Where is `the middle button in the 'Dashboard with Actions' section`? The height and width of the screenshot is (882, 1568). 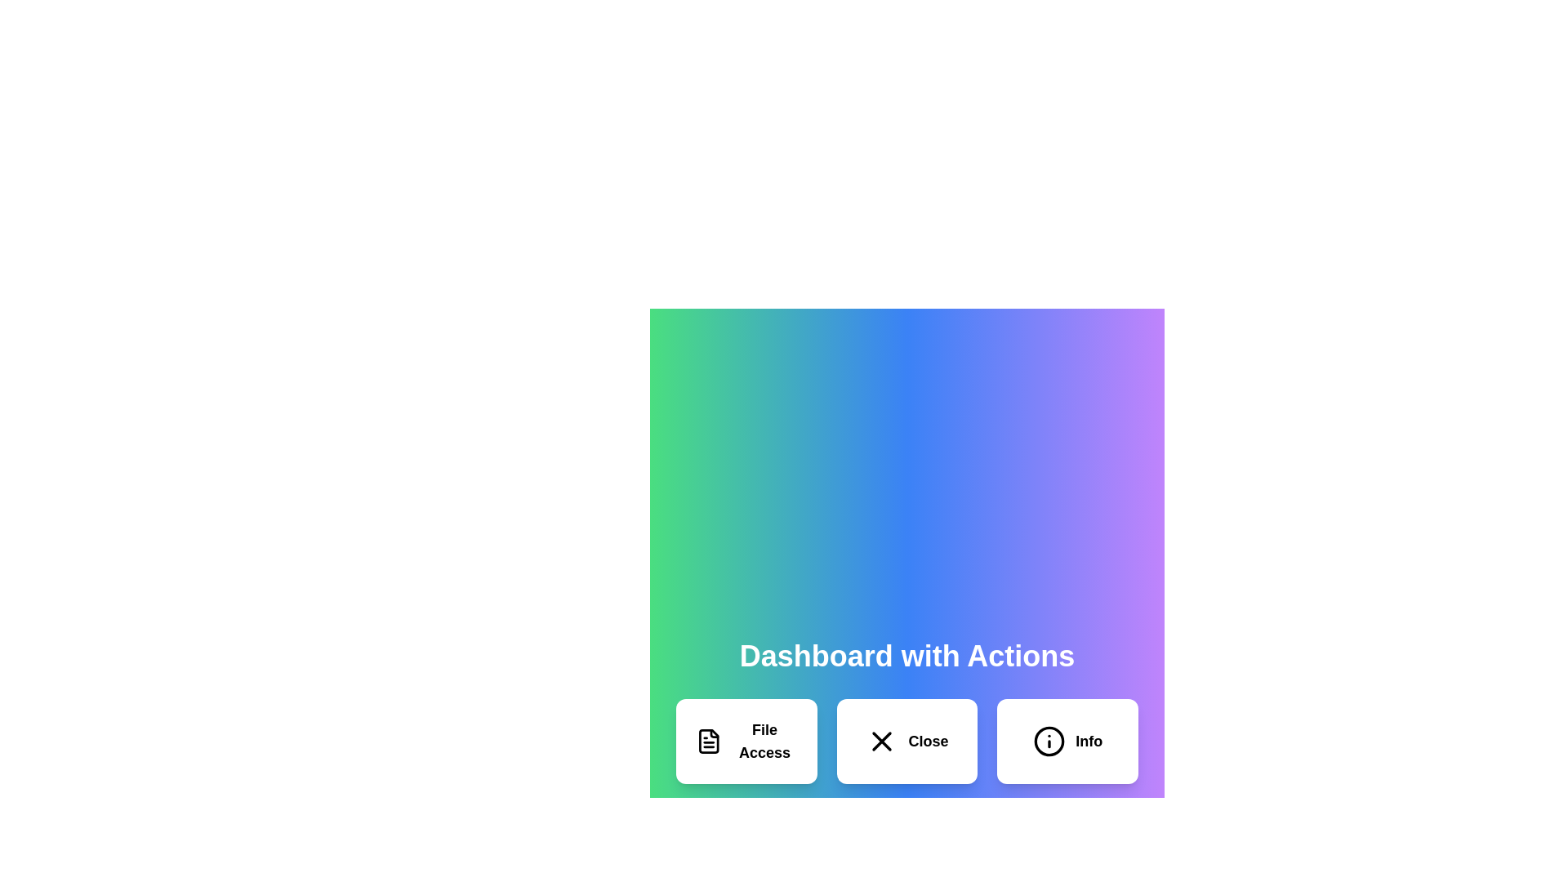 the middle button in the 'Dashboard with Actions' section is located at coordinates (906, 741).